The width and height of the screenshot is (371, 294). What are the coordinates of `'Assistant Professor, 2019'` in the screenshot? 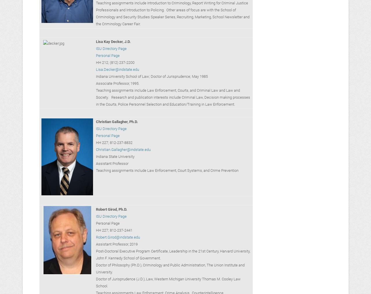 It's located at (116, 244).